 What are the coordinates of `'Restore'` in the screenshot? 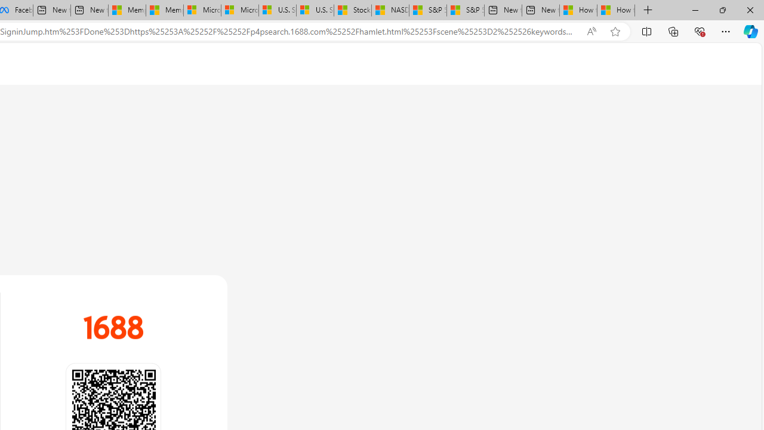 It's located at (722, 10).